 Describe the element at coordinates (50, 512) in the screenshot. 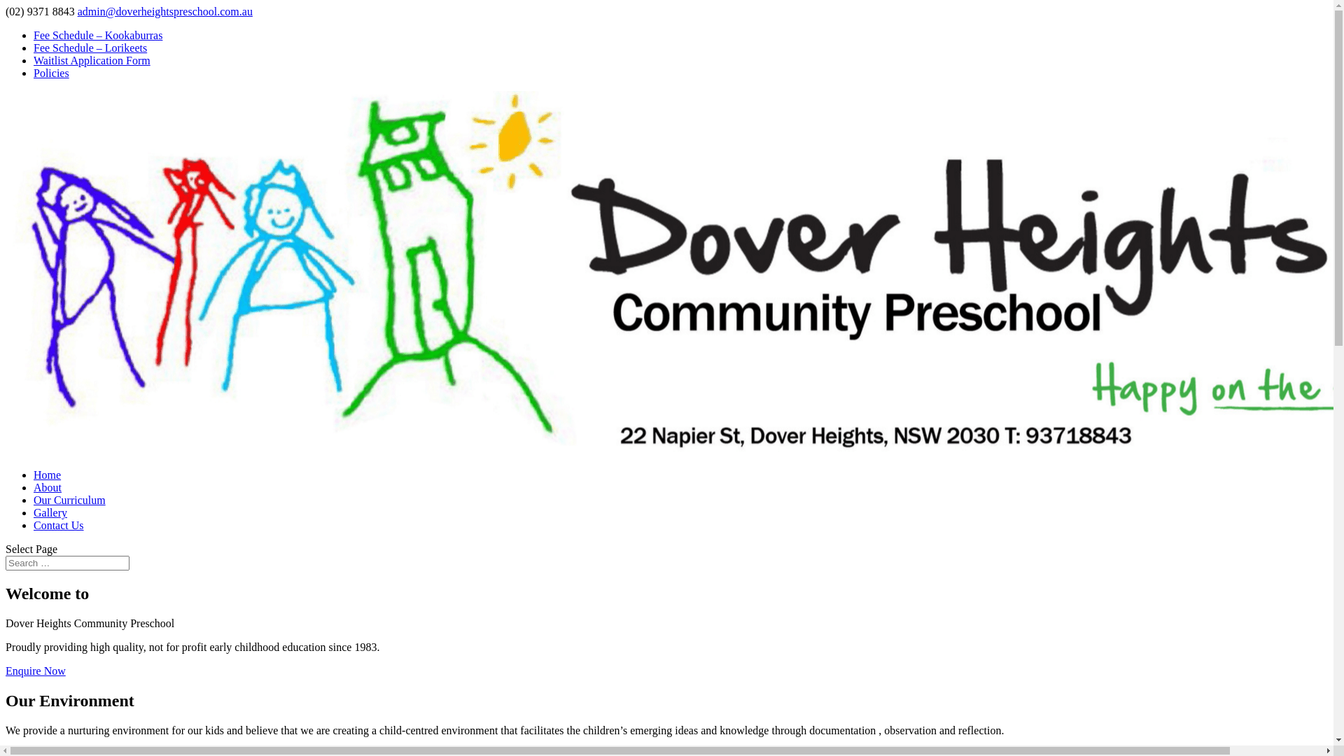

I see `'Gallery'` at that location.